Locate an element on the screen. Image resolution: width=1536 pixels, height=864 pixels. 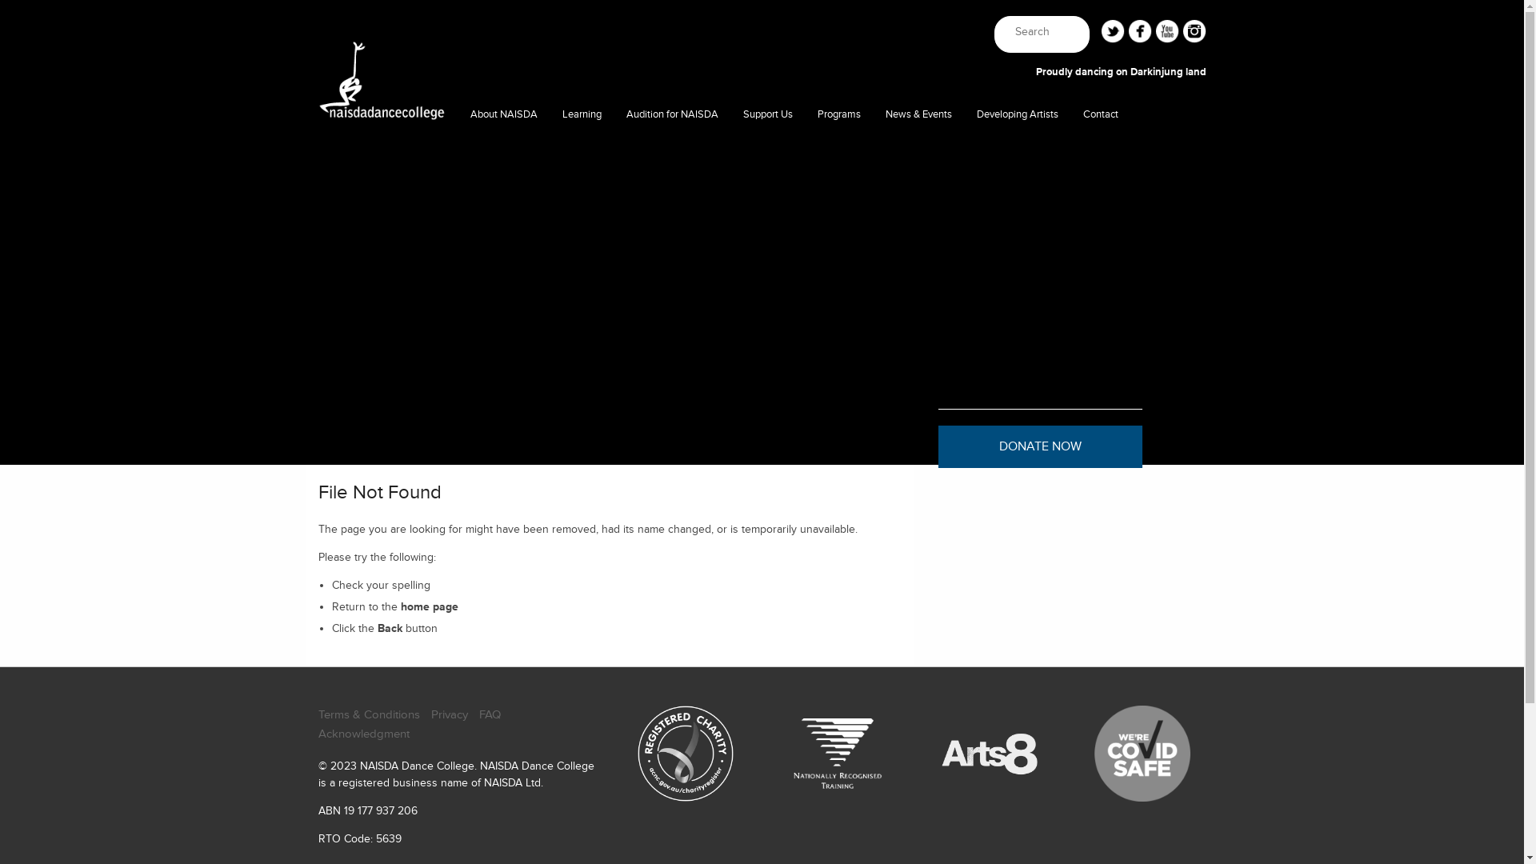
'Audition for NAISDA' is located at coordinates (614, 114).